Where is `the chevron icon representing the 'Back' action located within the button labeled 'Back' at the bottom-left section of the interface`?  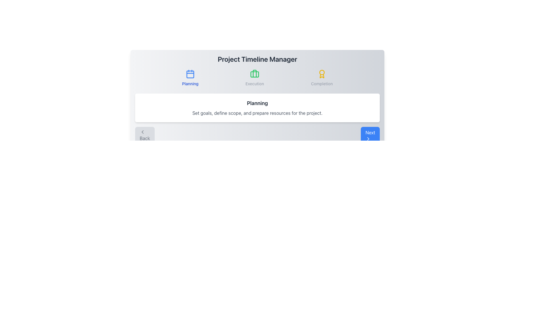 the chevron icon representing the 'Back' action located within the button labeled 'Back' at the bottom-left section of the interface is located at coordinates (142, 132).